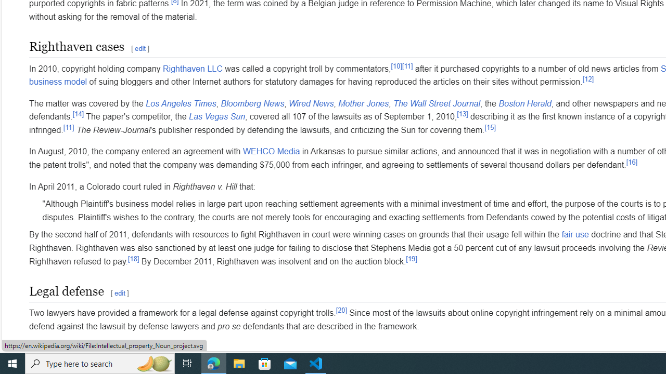 The width and height of the screenshot is (666, 374). What do you see at coordinates (252, 103) in the screenshot?
I see `'Bloomberg News'` at bounding box center [252, 103].